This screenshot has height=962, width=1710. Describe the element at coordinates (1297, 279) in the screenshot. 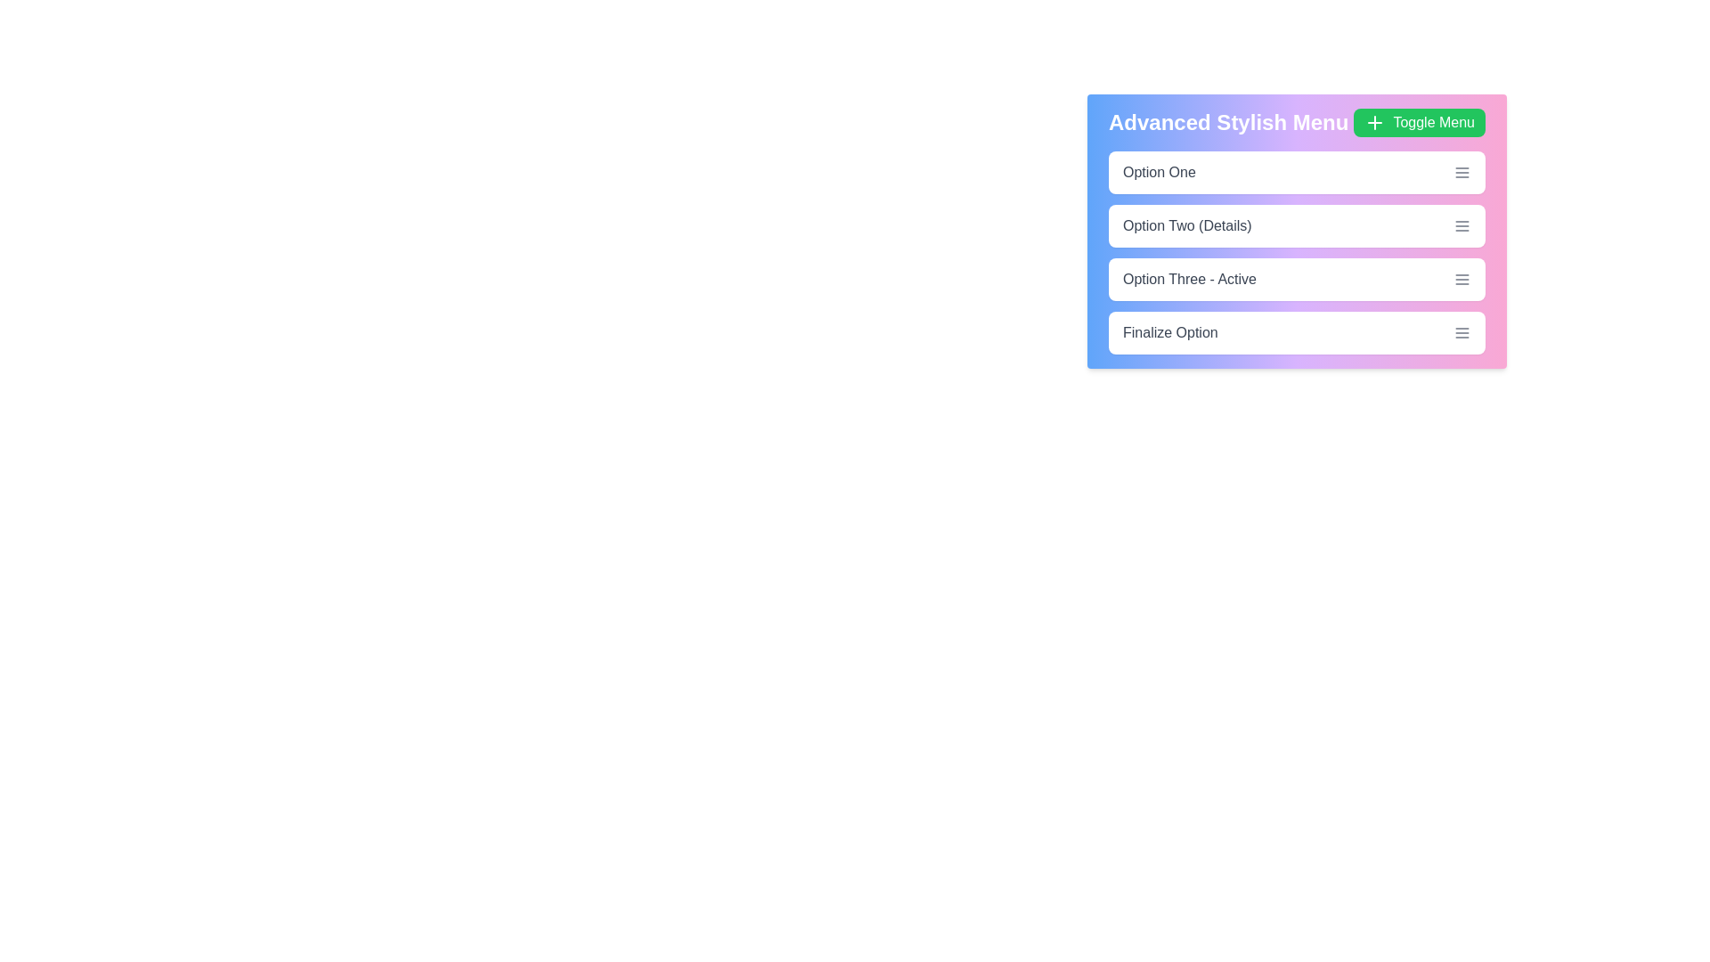

I see `the menu option Option Three - Active` at that location.